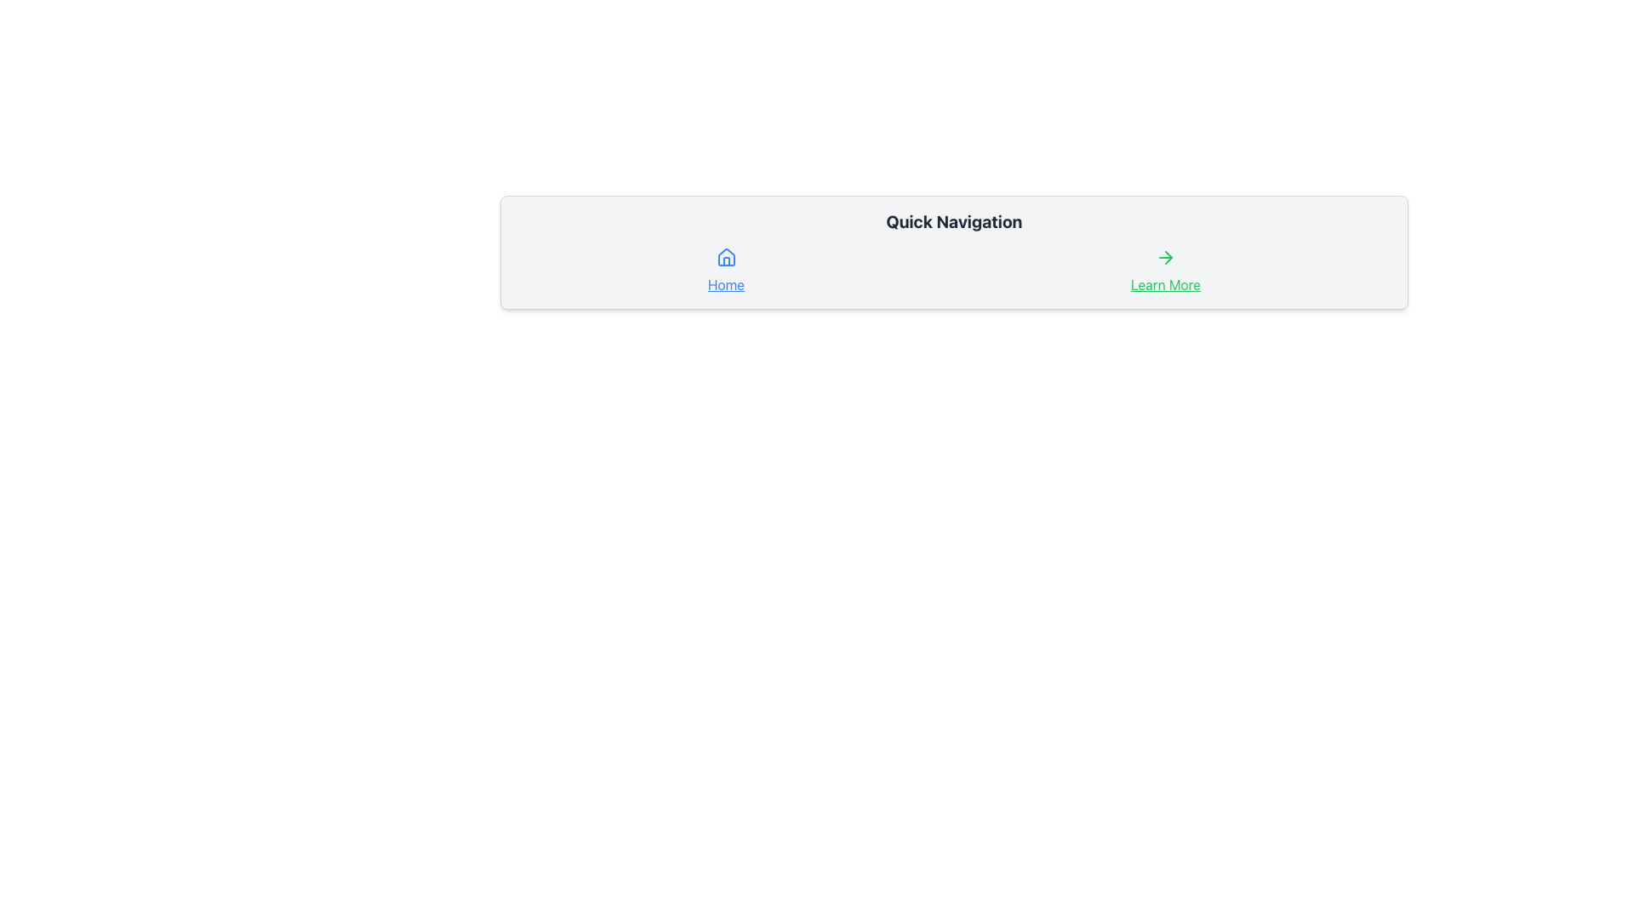 Image resolution: width=1634 pixels, height=919 pixels. I want to click on the green underlined hyperlink 'Learn More' located on the right side of the 'Quick Navigation' section, so click(1164, 284).